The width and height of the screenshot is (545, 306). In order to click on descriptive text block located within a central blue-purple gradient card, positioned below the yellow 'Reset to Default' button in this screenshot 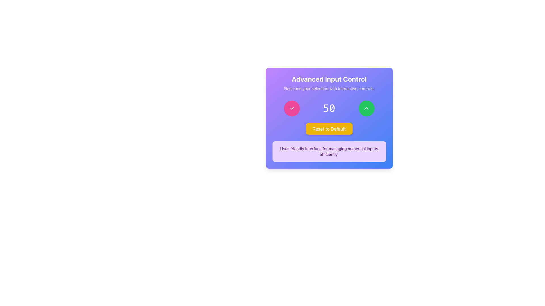, I will do `click(329, 151)`.